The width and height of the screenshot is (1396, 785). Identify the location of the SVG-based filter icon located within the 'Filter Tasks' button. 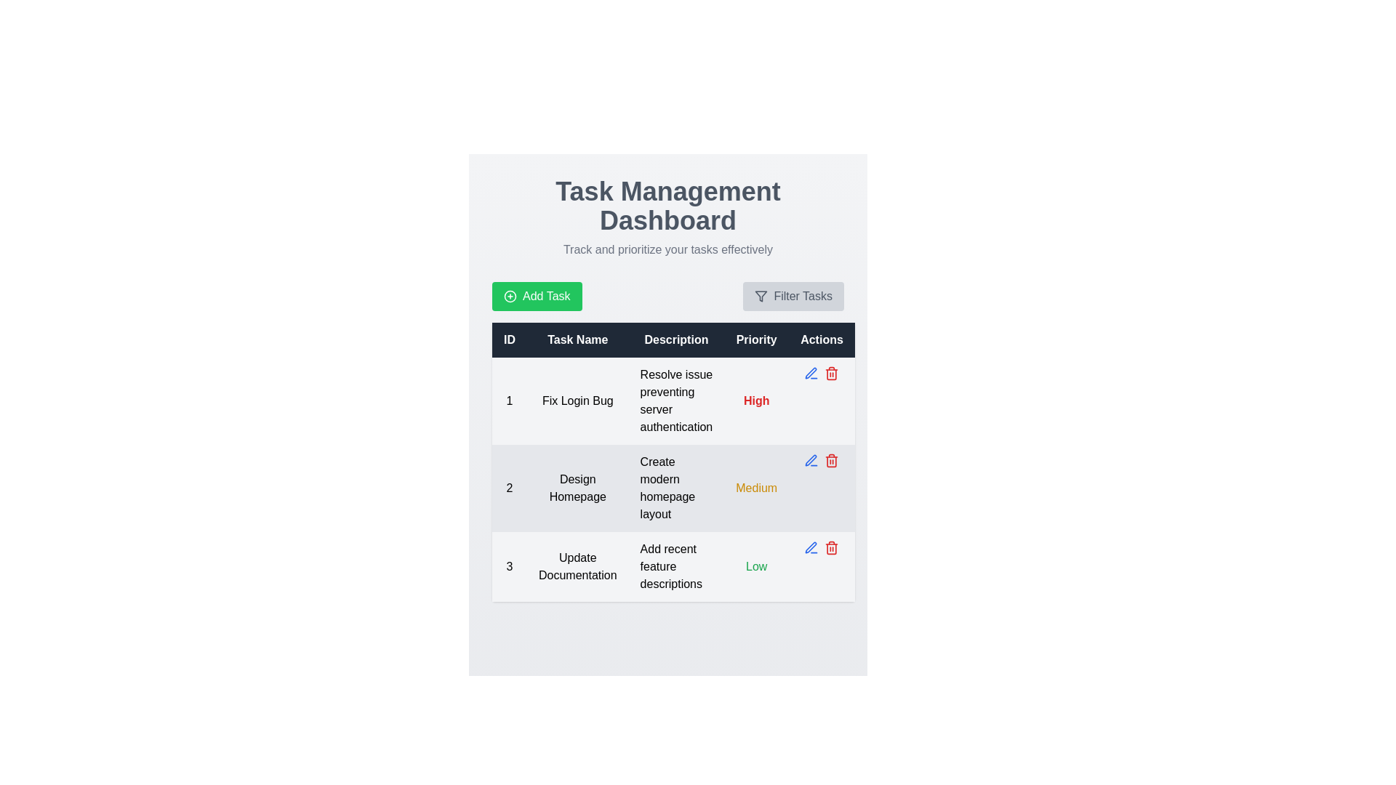
(761, 296).